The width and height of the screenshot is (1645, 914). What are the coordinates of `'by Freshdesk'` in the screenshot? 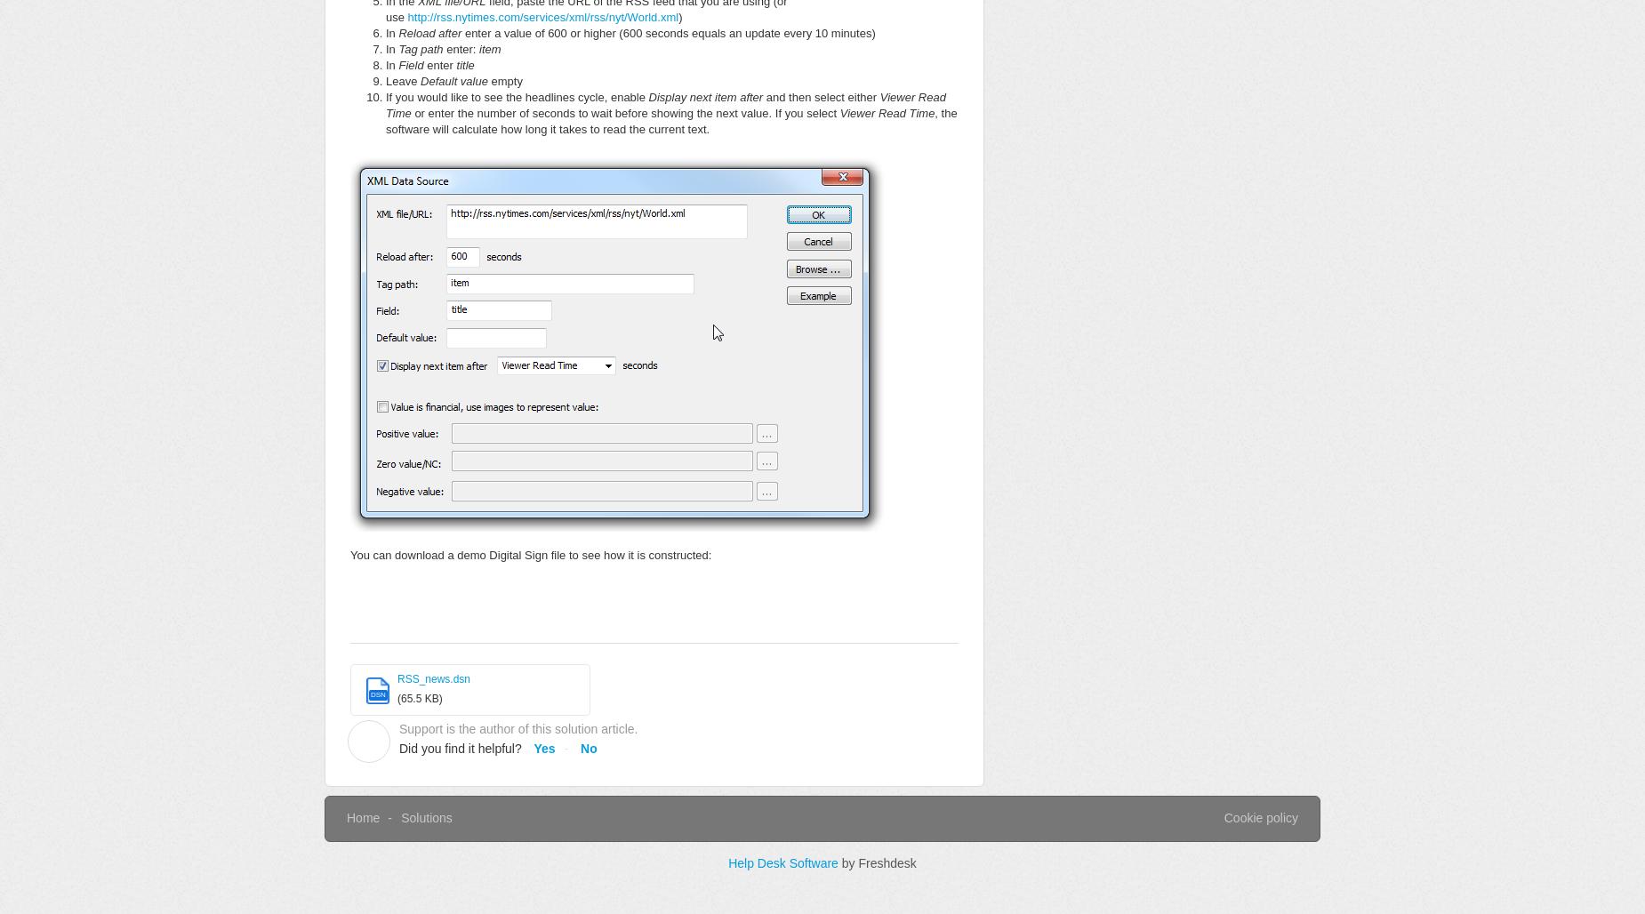 It's located at (878, 862).